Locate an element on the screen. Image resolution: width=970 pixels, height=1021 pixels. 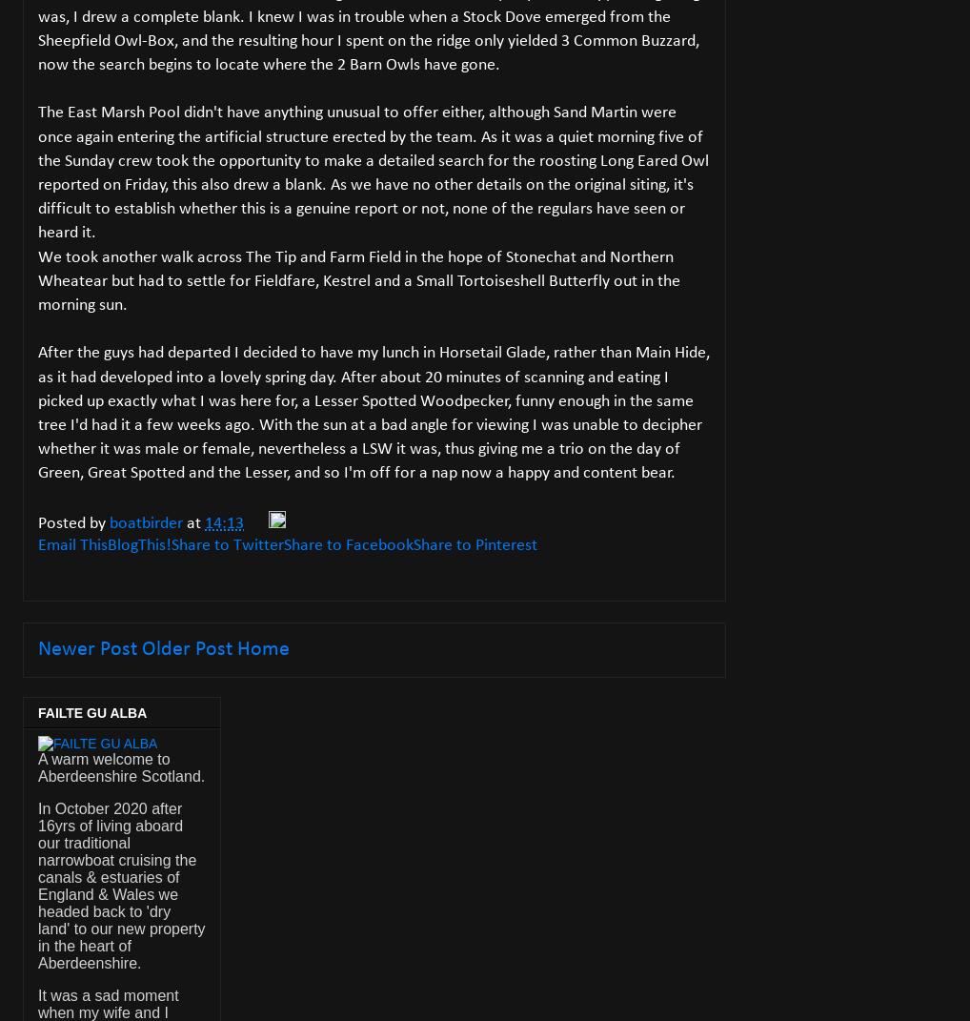
'Older Post' is located at coordinates (141, 648).